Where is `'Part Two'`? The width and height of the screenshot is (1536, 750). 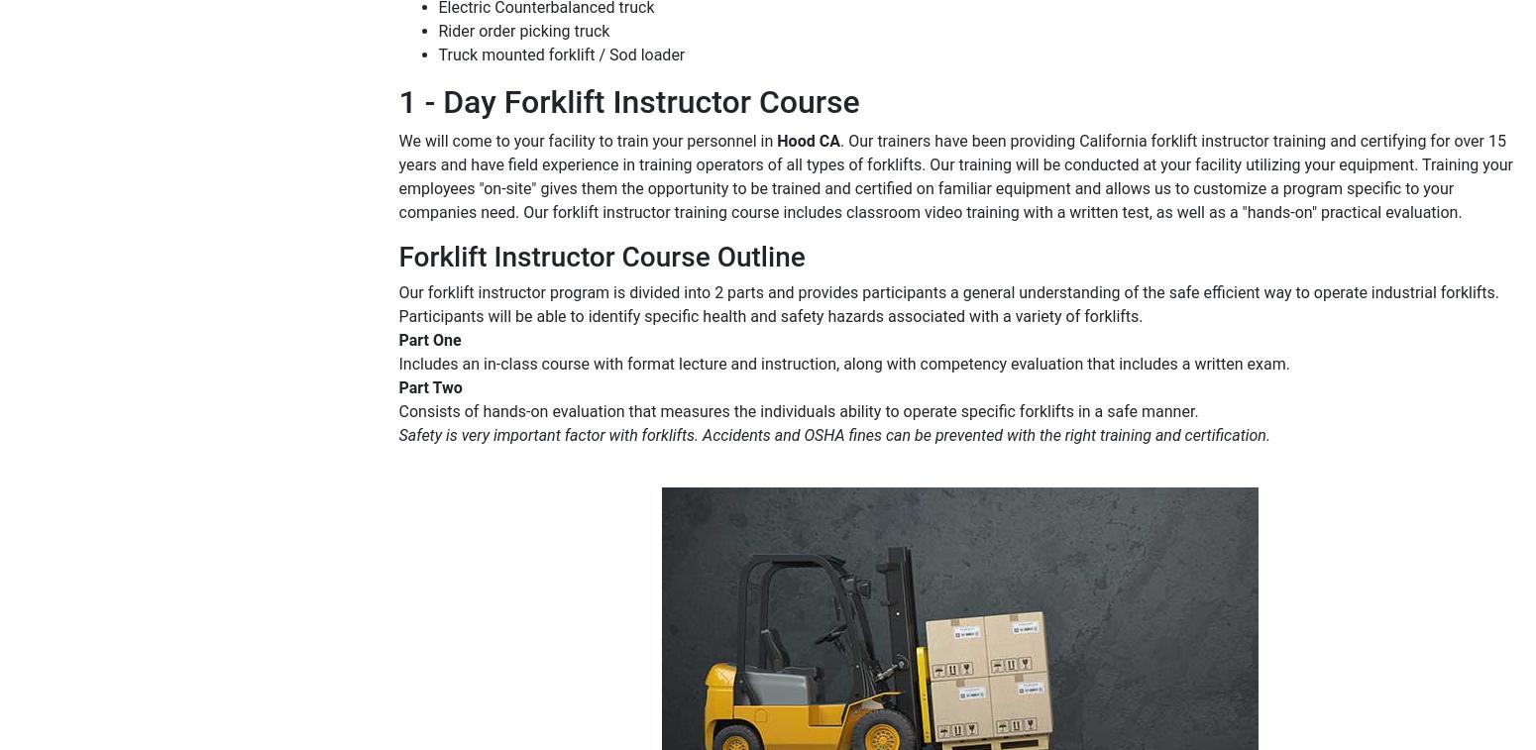
'Part Two' is located at coordinates (430, 387).